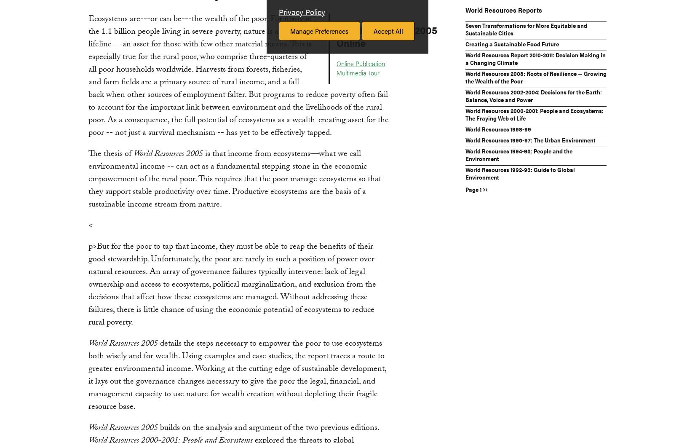 Image resolution: width=695 pixels, height=443 pixels. What do you see at coordinates (267, 428) in the screenshot?
I see `'builds on the analysis and argument of the two previous editions.'` at bounding box center [267, 428].